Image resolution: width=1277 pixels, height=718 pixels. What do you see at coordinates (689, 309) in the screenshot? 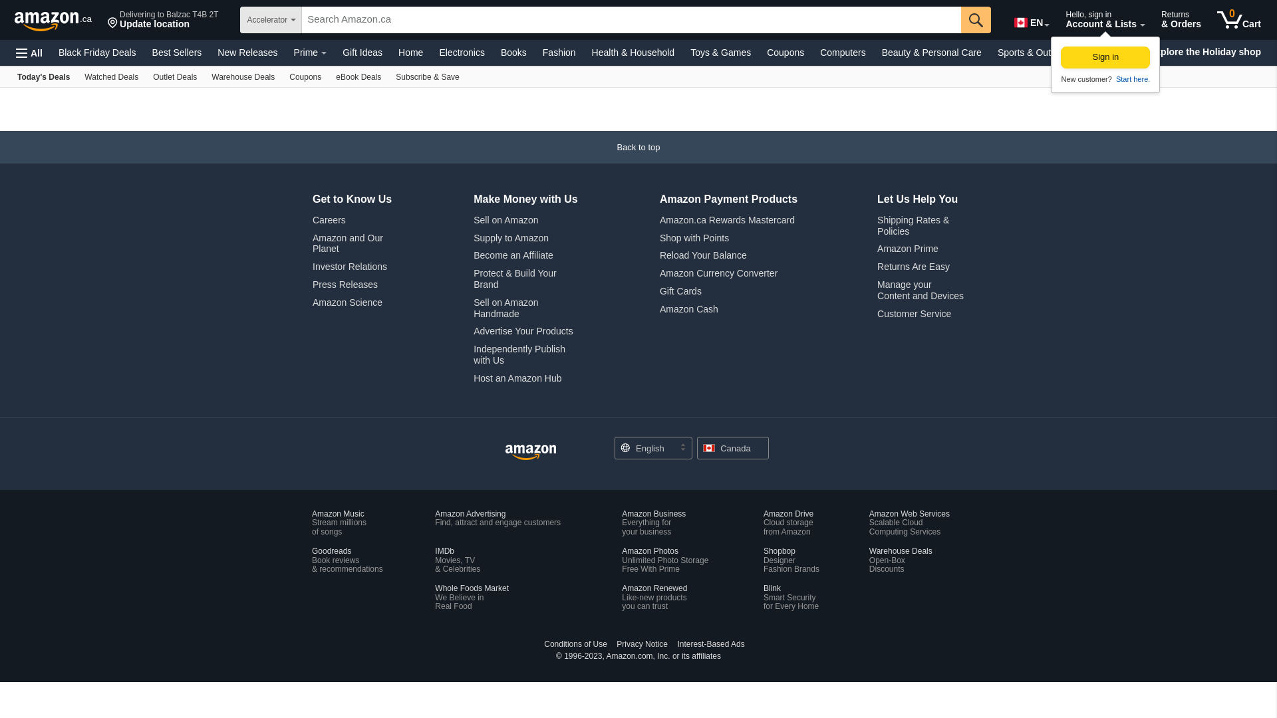
I see `'Amazon Cash'` at bounding box center [689, 309].